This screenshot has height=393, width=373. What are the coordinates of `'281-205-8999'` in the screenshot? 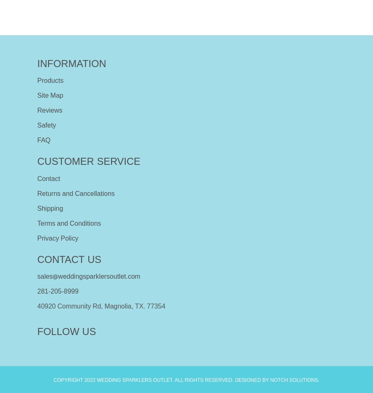 It's located at (37, 291).